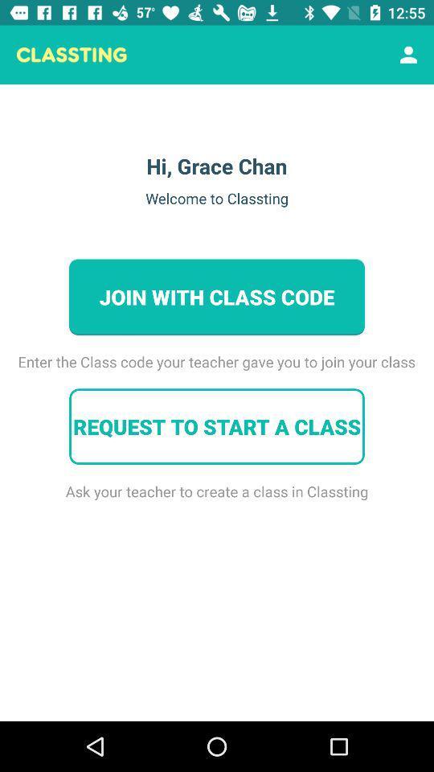 Image resolution: width=434 pixels, height=772 pixels. I want to click on the item below enter the class, so click(217, 425).